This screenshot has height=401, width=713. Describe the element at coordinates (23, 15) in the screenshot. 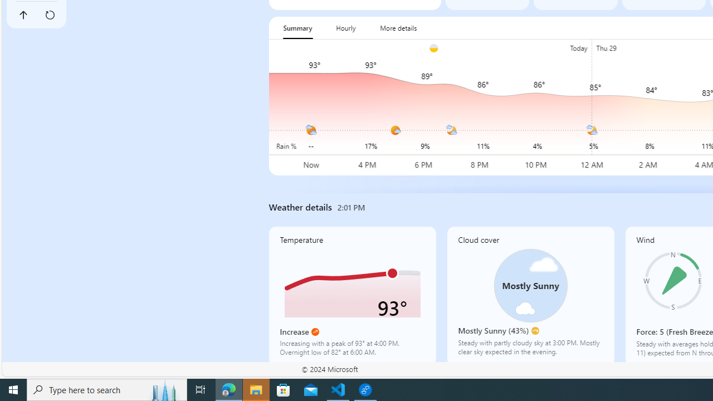

I see `'Back to top'` at that location.